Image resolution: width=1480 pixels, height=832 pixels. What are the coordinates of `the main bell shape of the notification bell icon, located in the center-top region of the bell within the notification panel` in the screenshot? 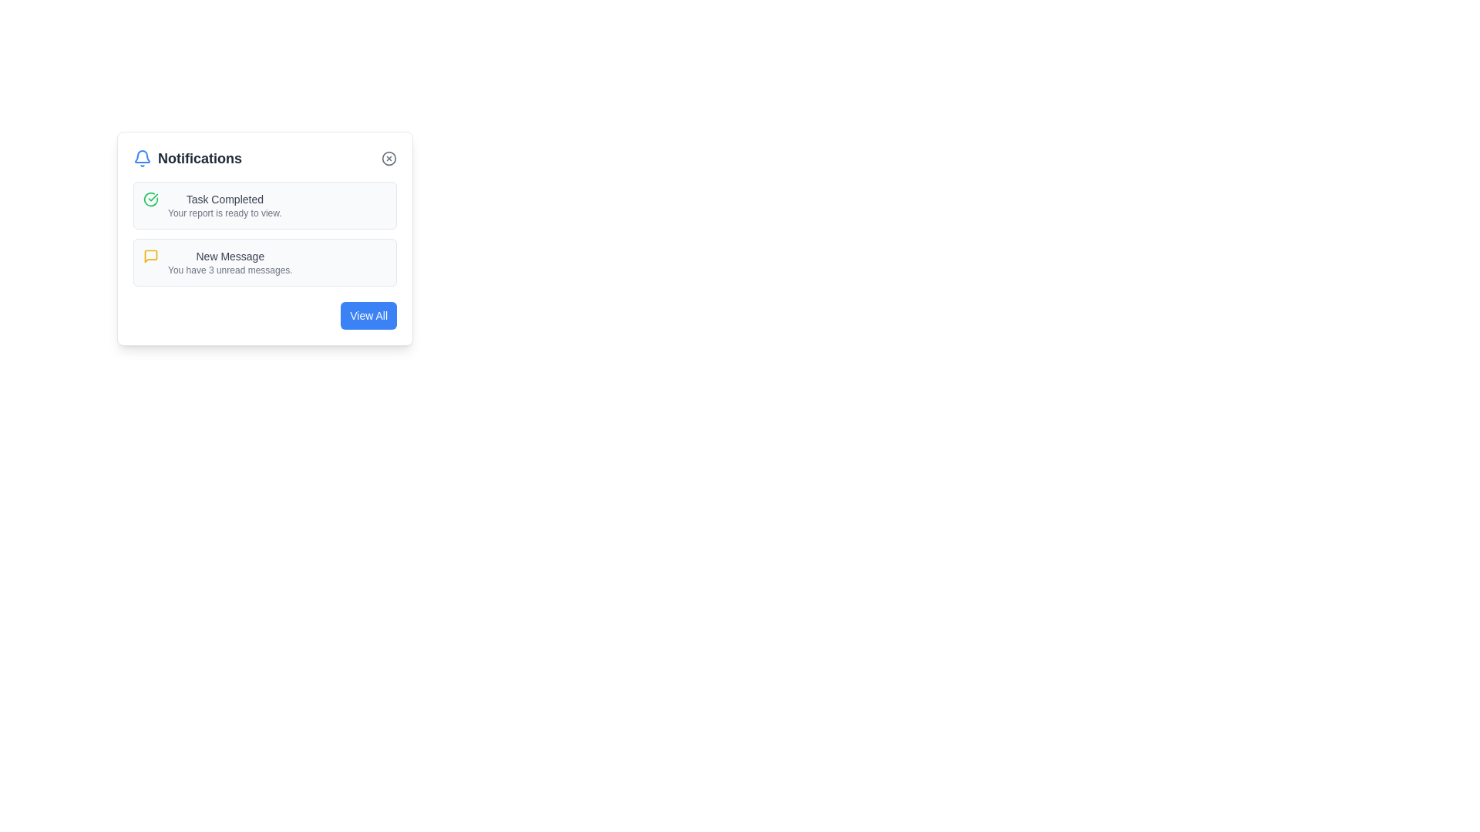 It's located at (143, 156).